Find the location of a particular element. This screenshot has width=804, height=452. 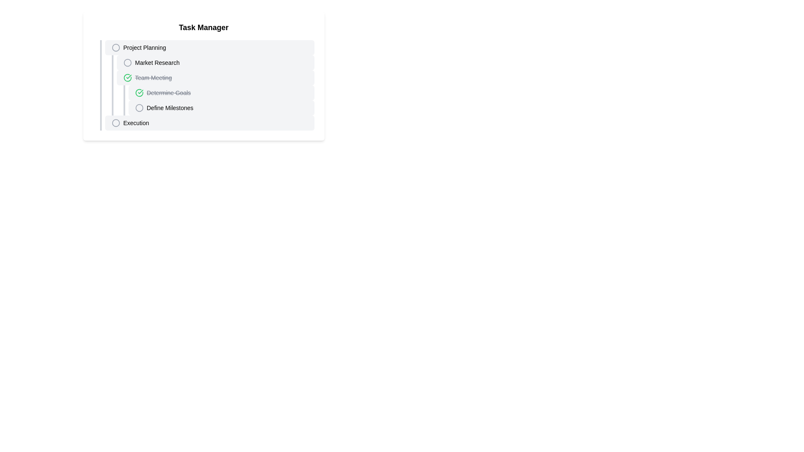

the text label reading 'Team Meeting', which is styled with a line-through effect and located centrally under the 'Task Manager' heading is located at coordinates (153, 77).